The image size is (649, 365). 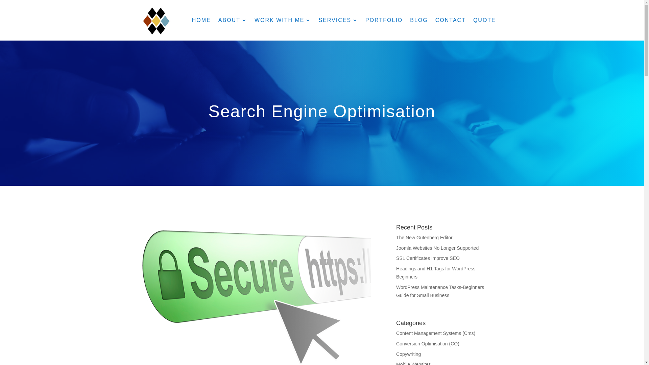 What do you see at coordinates (418, 20) in the screenshot?
I see `'BLOG'` at bounding box center [418, 20].